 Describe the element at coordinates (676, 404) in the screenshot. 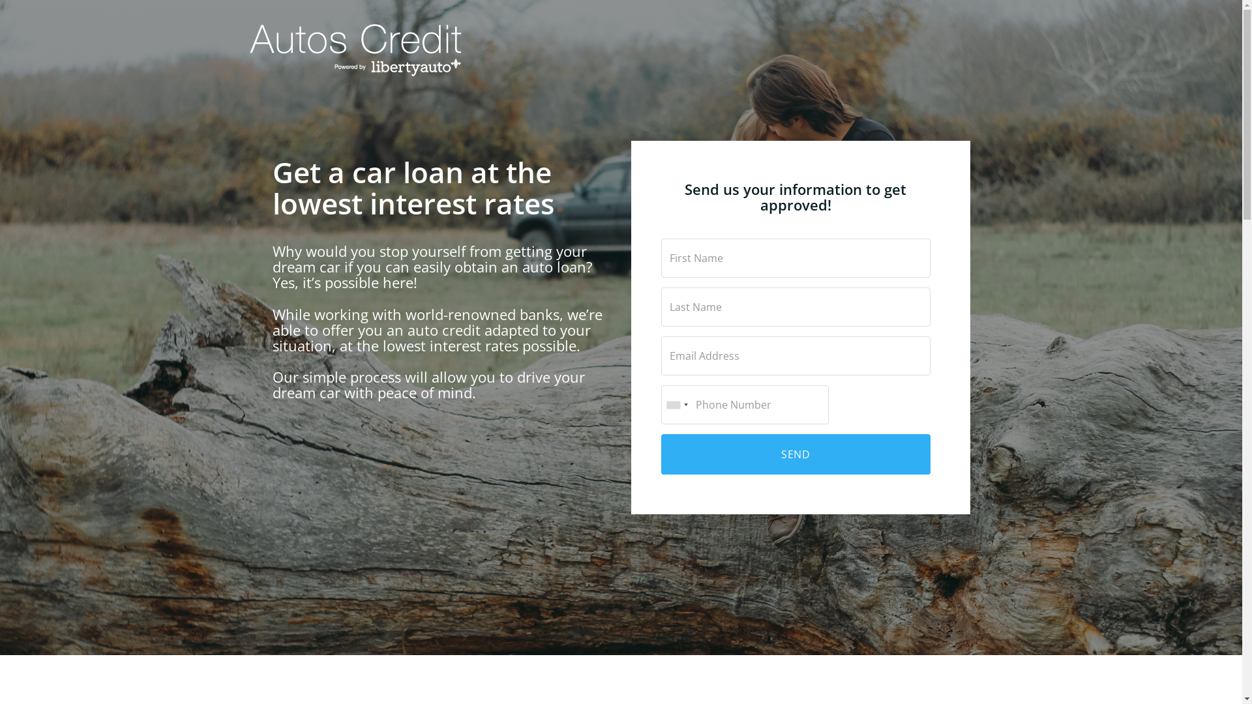

I see `'United States: +1'` at that location.